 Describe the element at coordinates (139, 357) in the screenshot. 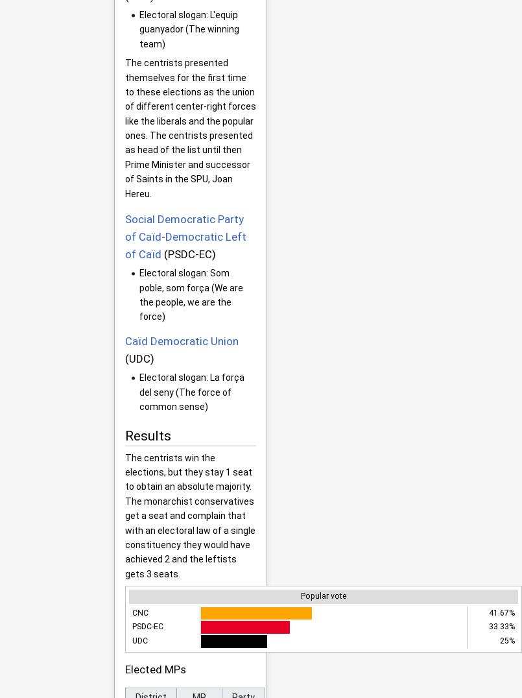

I see `'(UDC)'` at that location.